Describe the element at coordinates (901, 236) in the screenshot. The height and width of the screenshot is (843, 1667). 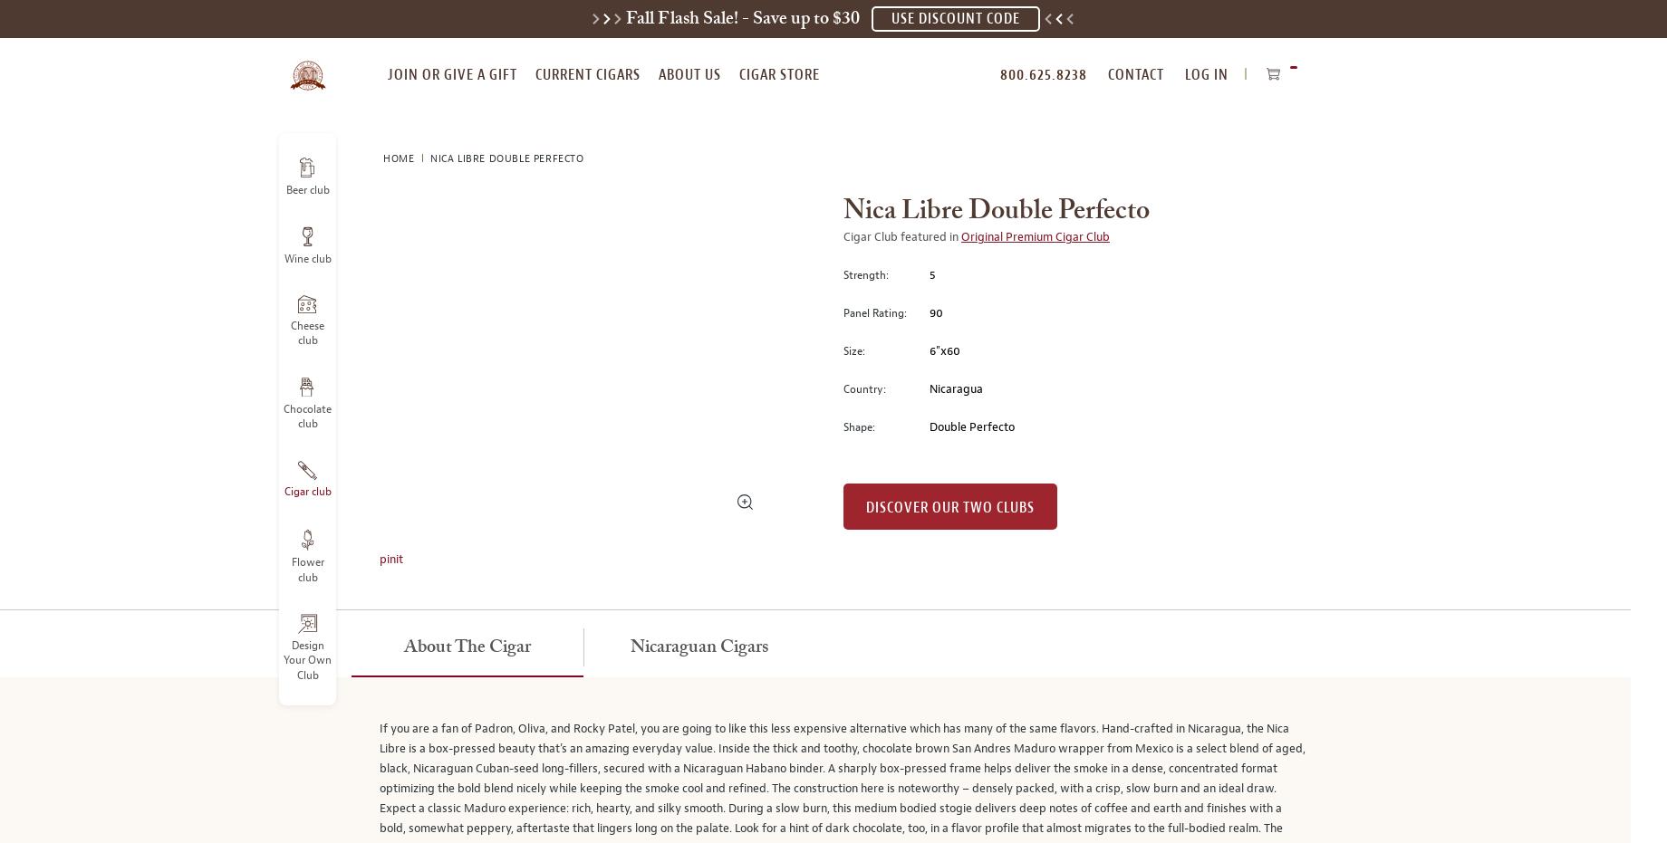
I see `'Cigar Club featured in'` at that location.